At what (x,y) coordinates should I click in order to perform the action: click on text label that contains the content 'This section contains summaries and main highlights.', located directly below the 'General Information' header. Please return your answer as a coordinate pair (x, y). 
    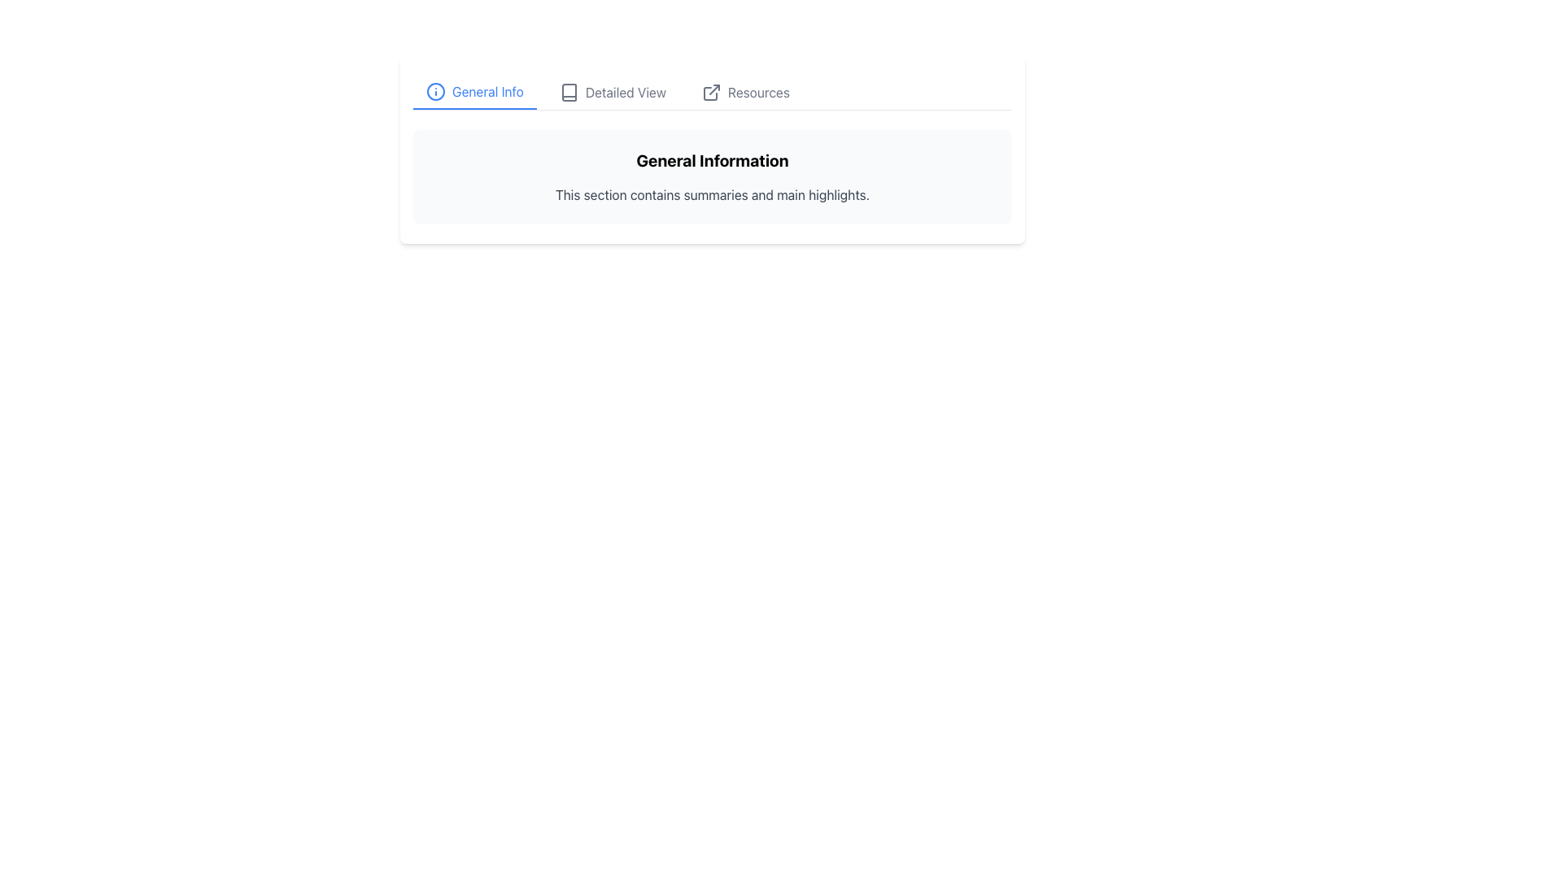
    Looking at the image, I should click on (712, 193).